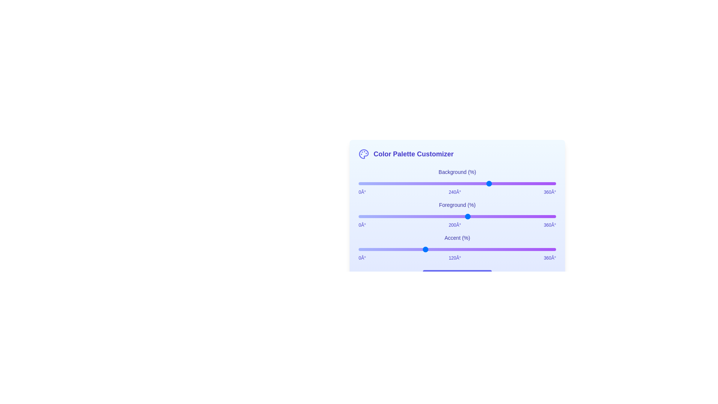 This screenshot has width=718, height=404. I want to click on the slider handle to inspect its position and value, so click(457, 183).